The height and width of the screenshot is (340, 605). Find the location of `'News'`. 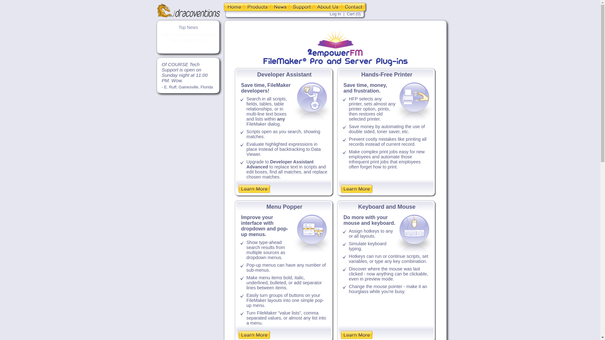

'News' is located at coordinates (280, 7).